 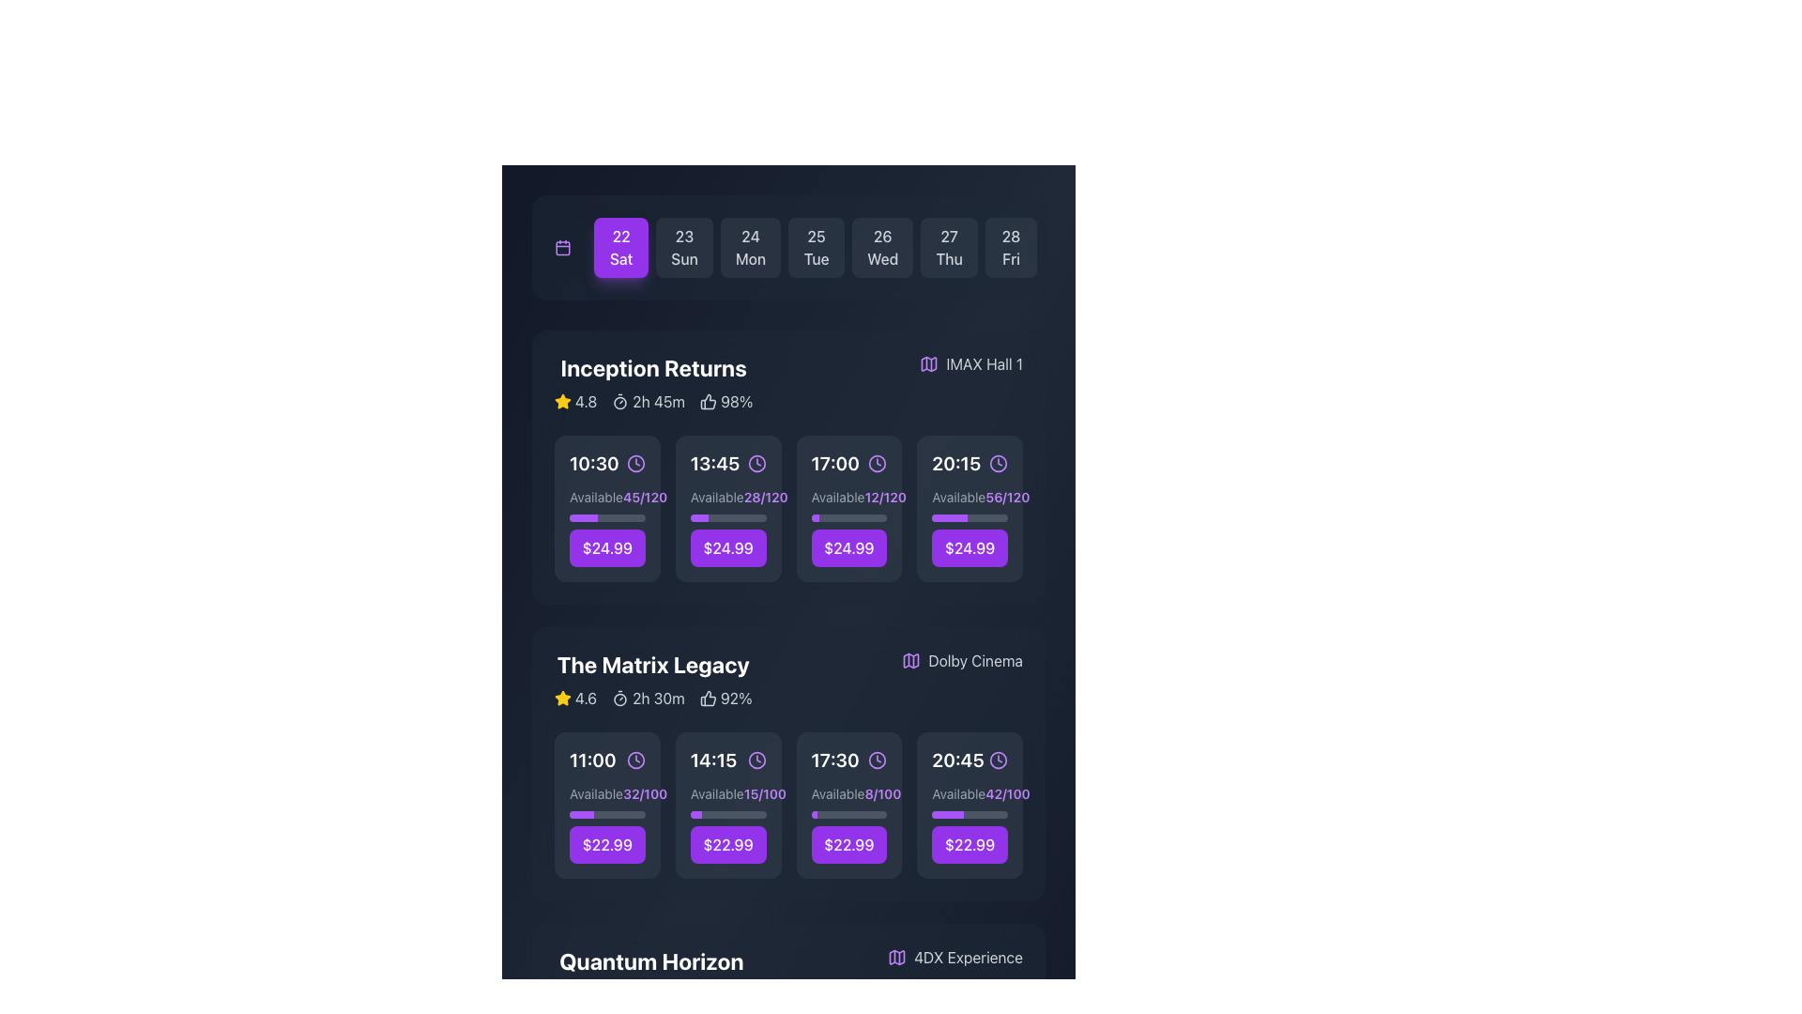 I want to click on the text display showing '12/120' in purple, bold font, located beneath the '17:00' time slot in the 'Inception Returns' section, so click(x=884, y=496).